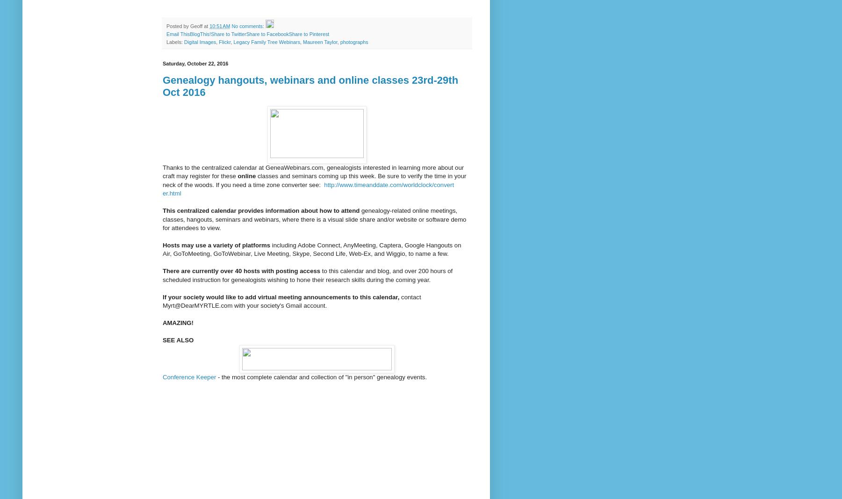  What do you see at coordinates (365, 184) in the screenshot?
I see `'anddate.com/wor'` at bounding box center [365, 184].